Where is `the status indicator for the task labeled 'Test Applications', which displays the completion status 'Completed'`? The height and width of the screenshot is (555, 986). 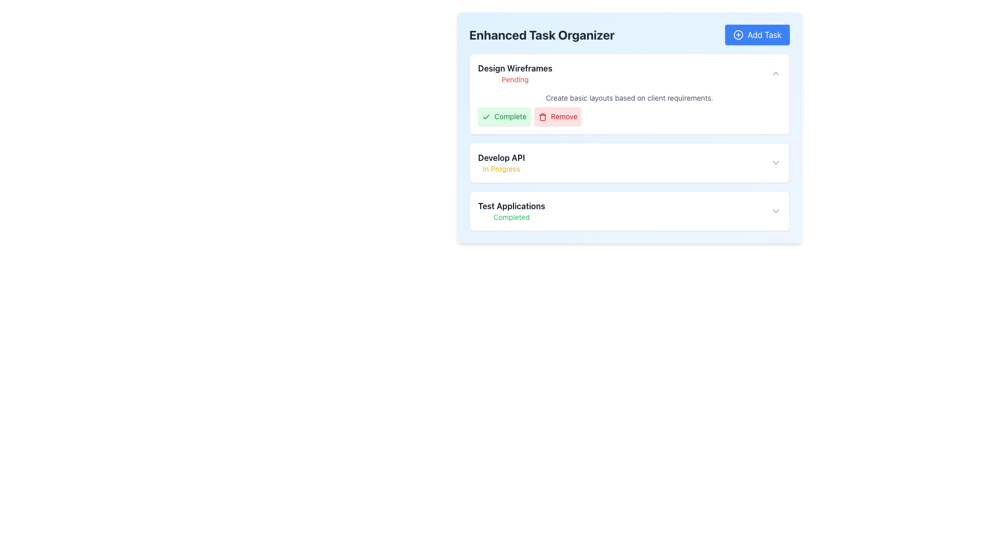 the status indicator for the task labeled 'Test Applications', which displays the completion status 'Completed' is located at coordinates (629, 211).